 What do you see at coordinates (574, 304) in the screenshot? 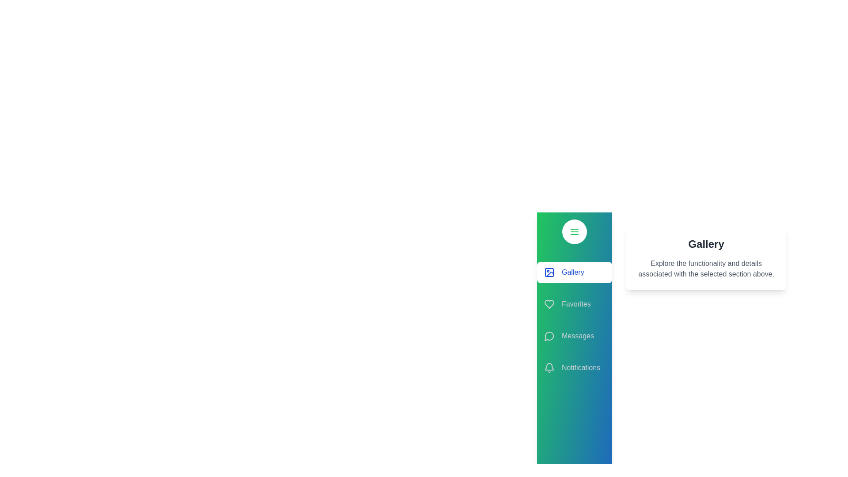
I see `the section Favorites in the EnhancedDrawer component` at bounding box center [574, 304].